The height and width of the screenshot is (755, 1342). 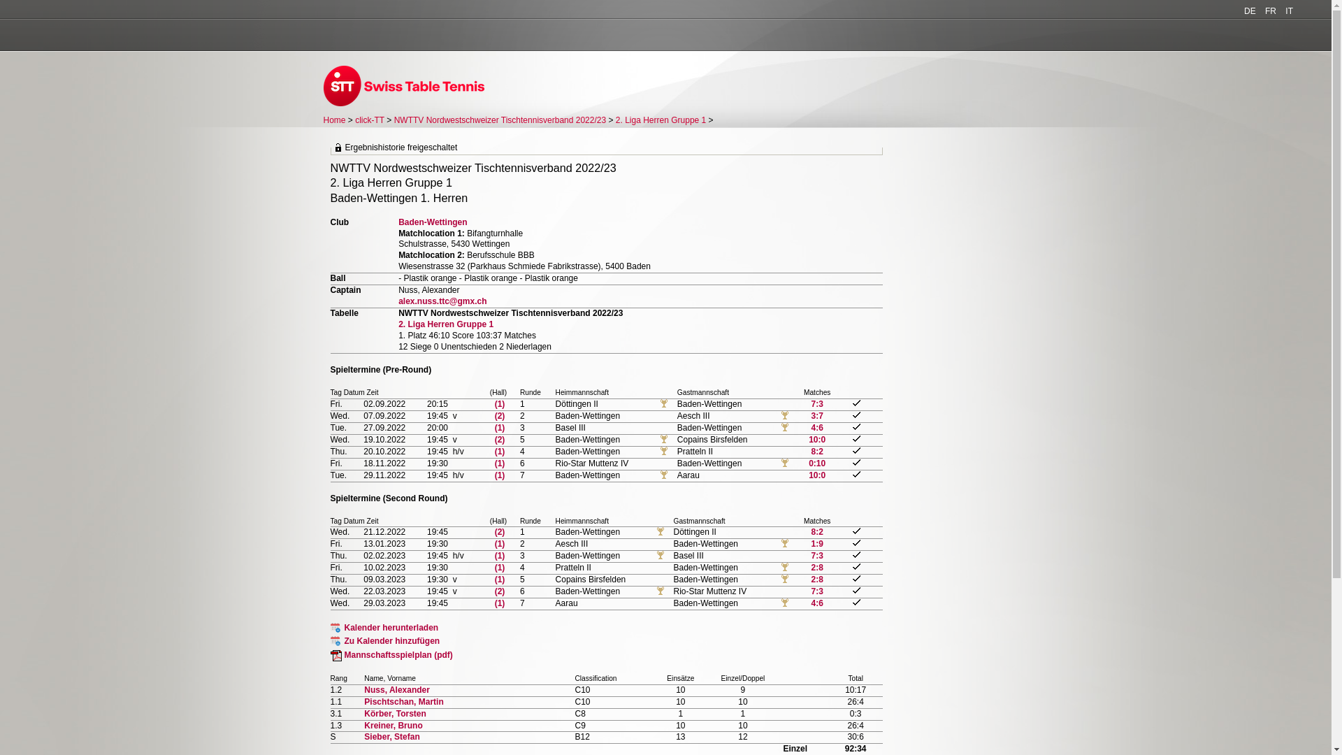 What do you see at coordinates (403, 701) in the screenshot?
I see `'Pischtschan, Martin'` at bounding box center [403, 701].